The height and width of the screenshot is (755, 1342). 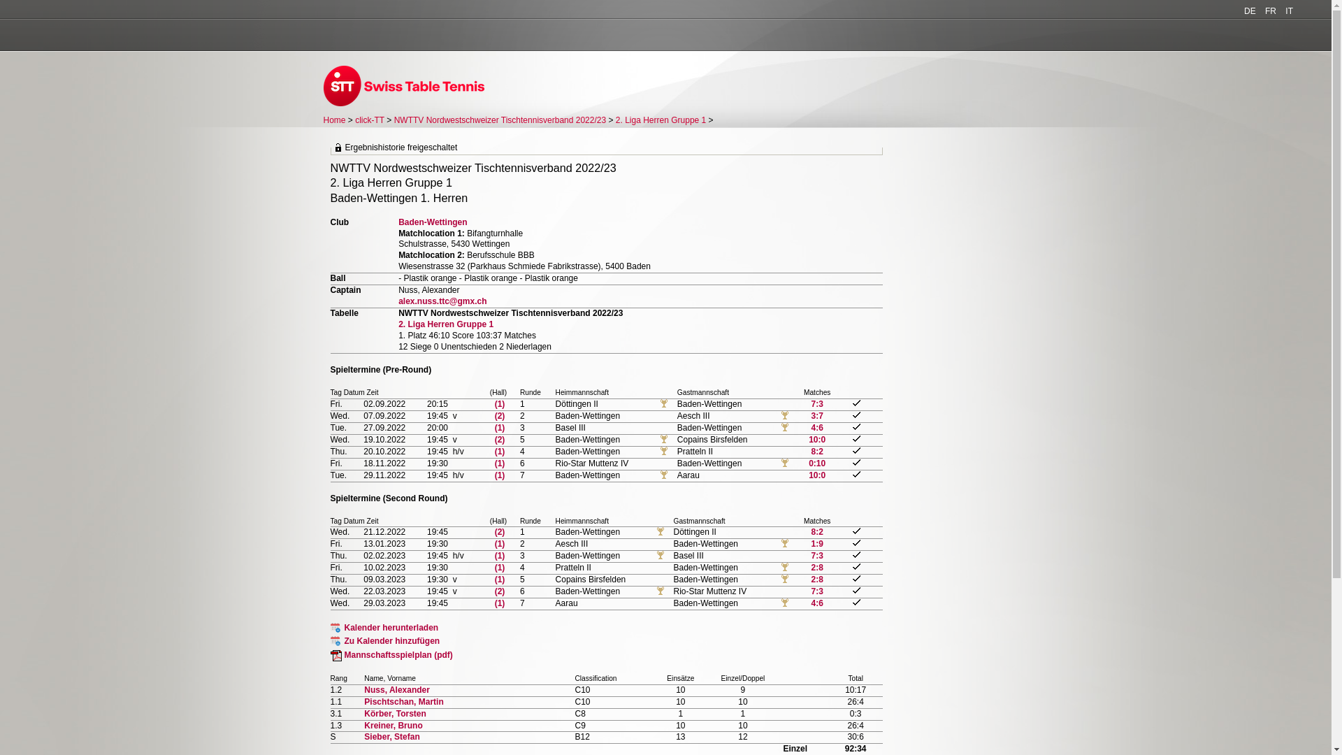 What do you see at coordinates (403, 701) in the screenshot?
I see `'Pischtschan, Martin'` at bounding box center [403, 701].